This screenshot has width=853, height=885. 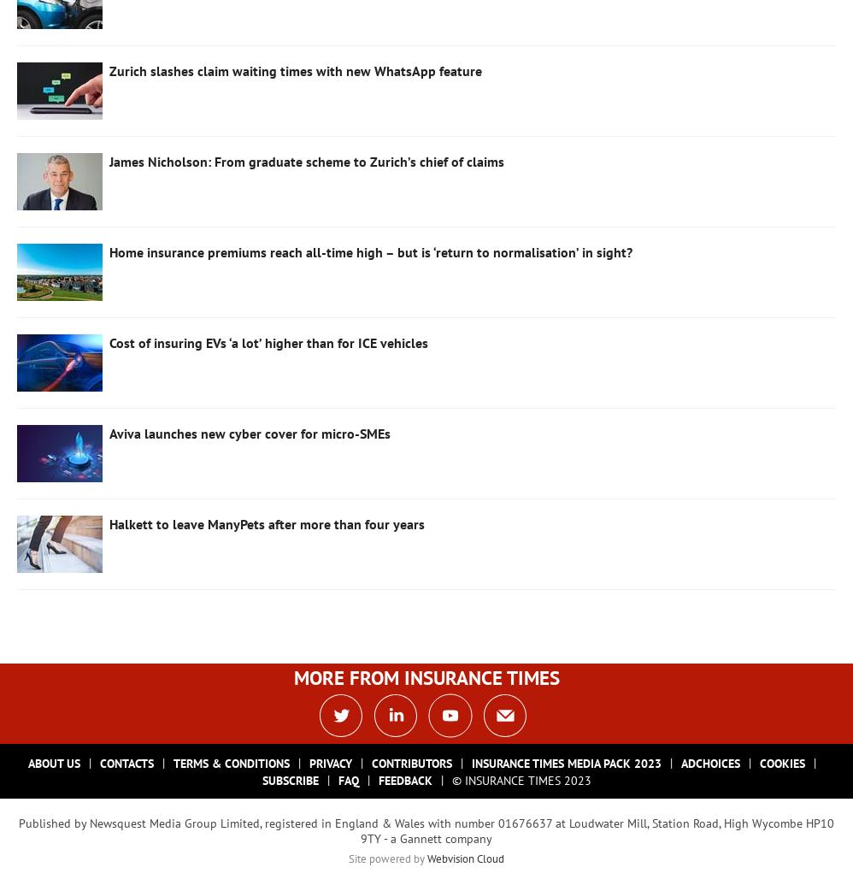 What do you see at coordinates (99, 762) in the screenshot?
I see `'Contacts'` at bounding box center [99, 762].